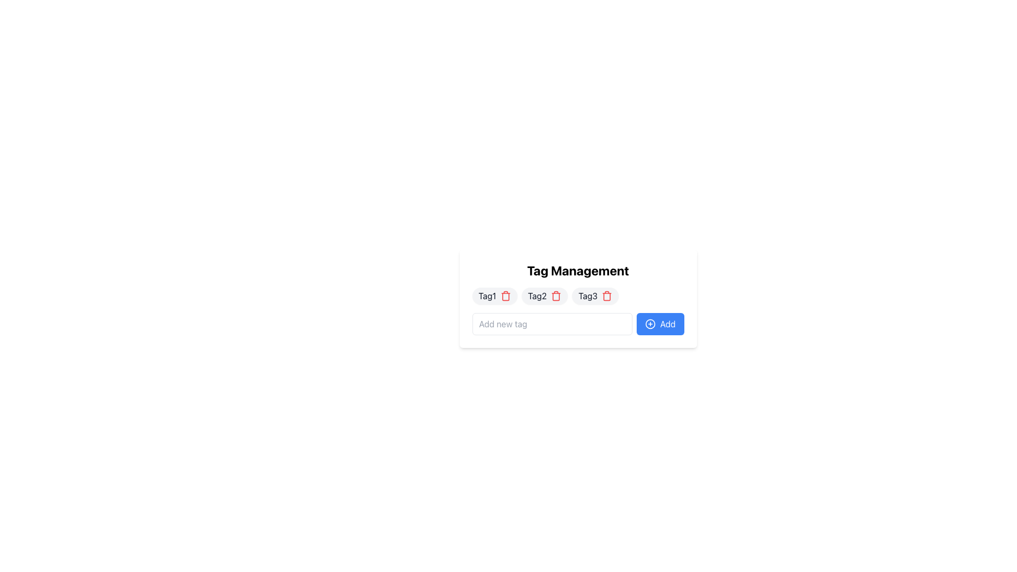 The height and width of the screenshot is (572, 1017). What do you see at coordinates (595, 296) in the screenshot?
I see `the Tag component labeled 'Tag3' with an inline delete button` at bounding box center [595, 296].